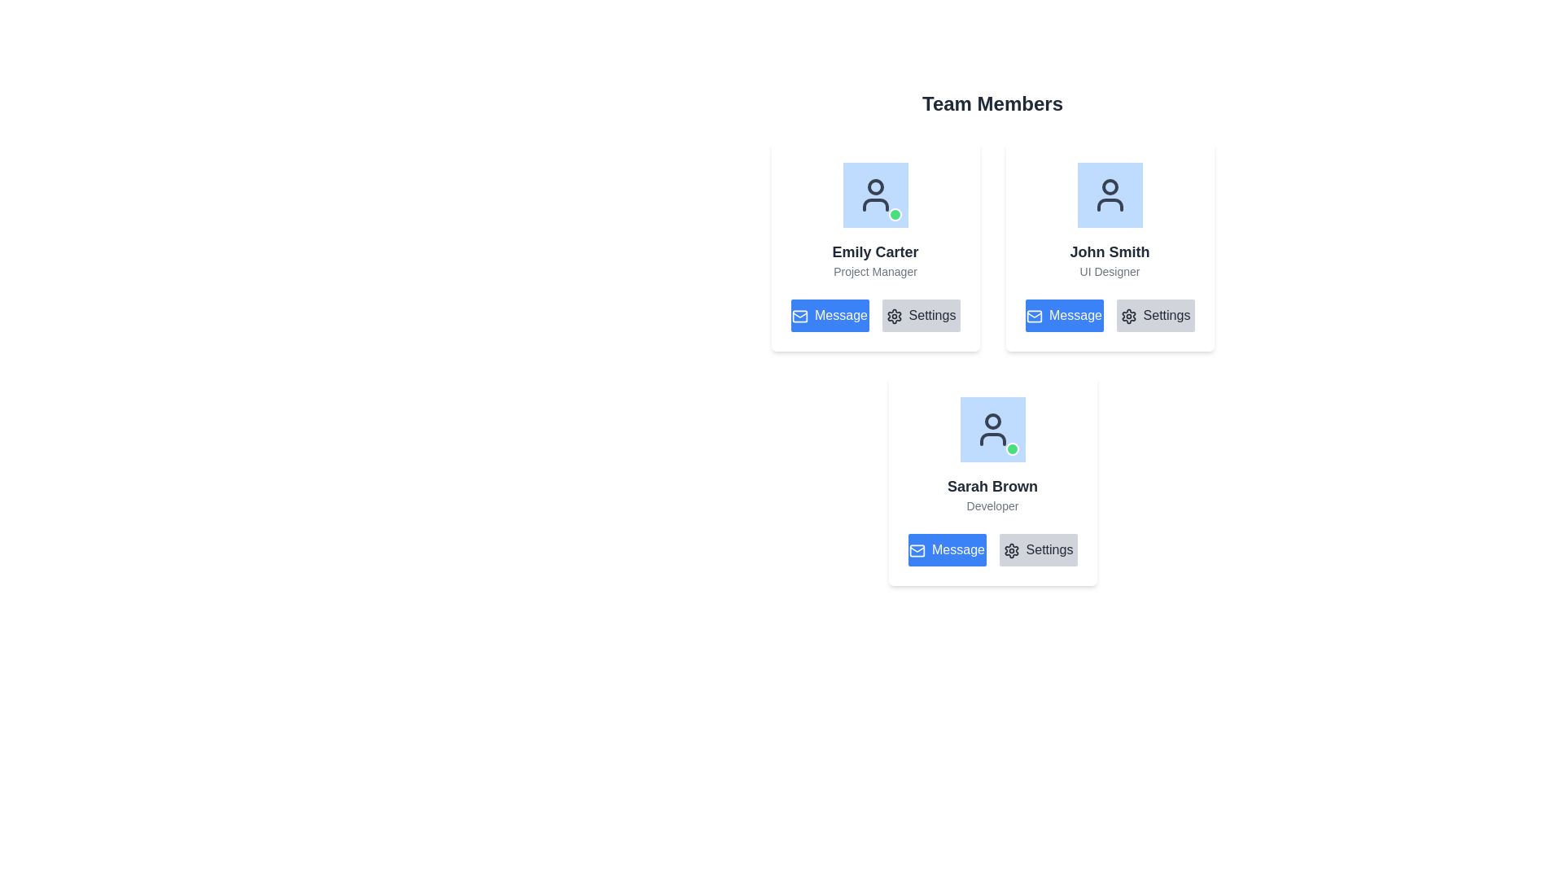 Image resolution: width=1563 pixels, height=879 pixels. Describe the element at coordinates (1011, 448) in the screenshot. I see `the small circular green indicator with a white border located at the bottom-right corner of the blue square profile icon` at that location.